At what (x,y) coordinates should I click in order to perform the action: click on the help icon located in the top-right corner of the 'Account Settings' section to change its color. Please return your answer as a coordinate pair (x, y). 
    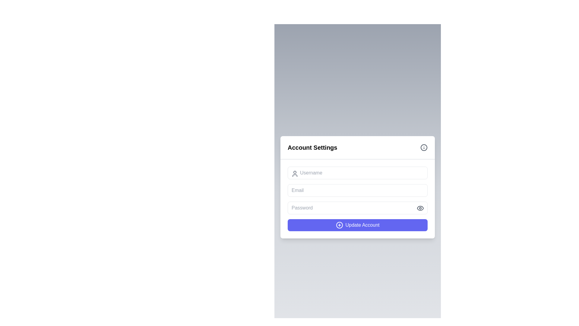
    Looking at the image, I should click on (424, 147).